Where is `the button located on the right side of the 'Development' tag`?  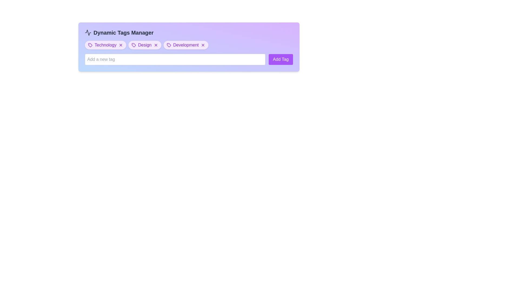
the button located on the right side of the 'Development' tag is located at coordinates (203, 45).